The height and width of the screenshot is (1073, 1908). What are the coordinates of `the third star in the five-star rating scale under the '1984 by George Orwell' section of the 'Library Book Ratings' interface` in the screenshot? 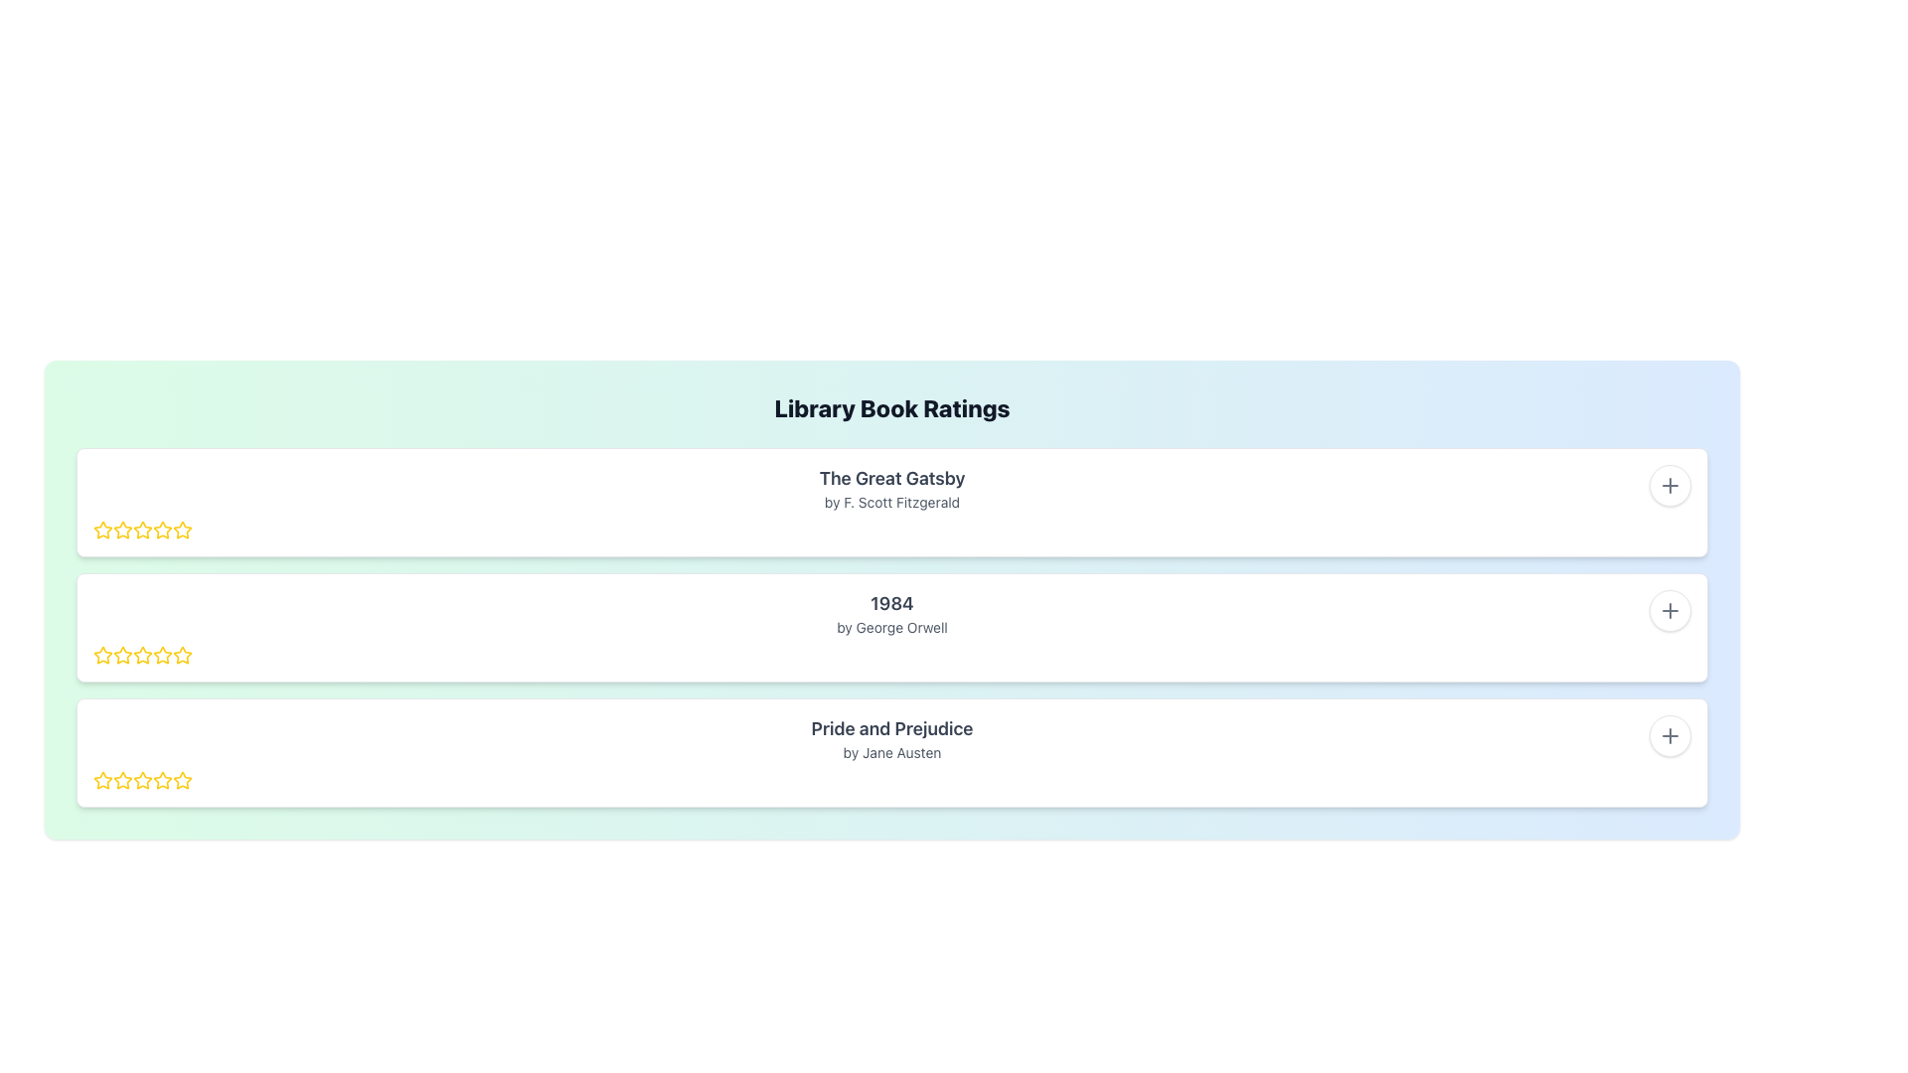 It's located at (142, 655).